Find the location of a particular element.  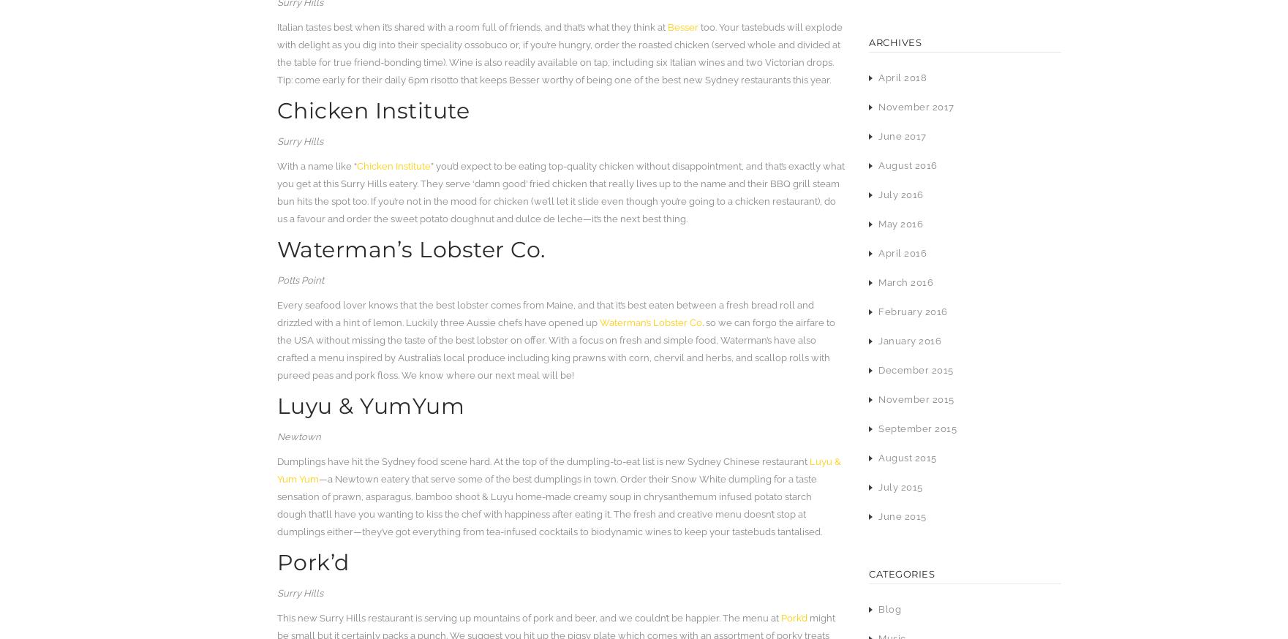

'July 2015' is located at coordinates (900, 487).